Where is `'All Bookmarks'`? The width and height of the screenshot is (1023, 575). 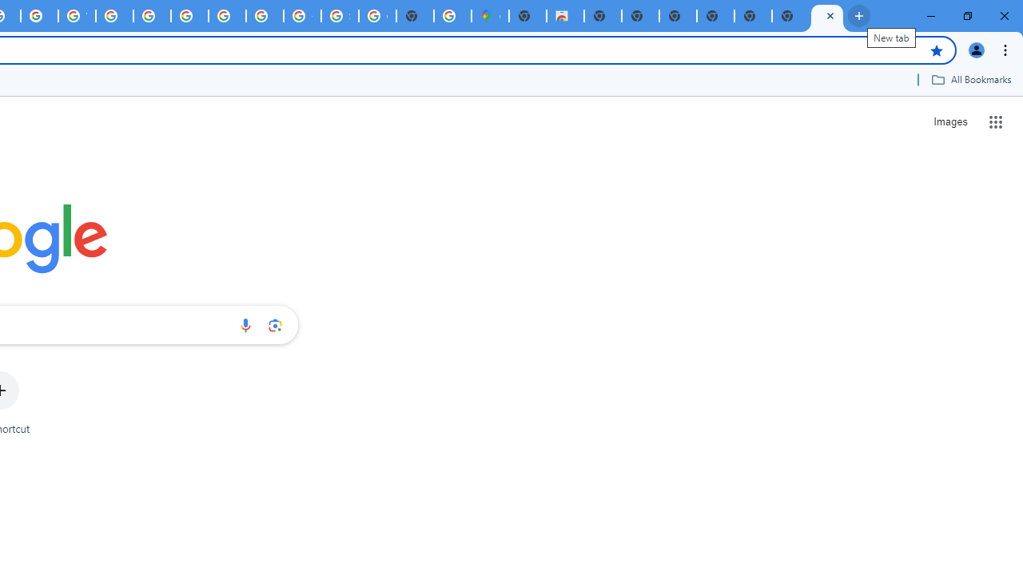 'All Bookmarks' is located at coordinates (970, 79).